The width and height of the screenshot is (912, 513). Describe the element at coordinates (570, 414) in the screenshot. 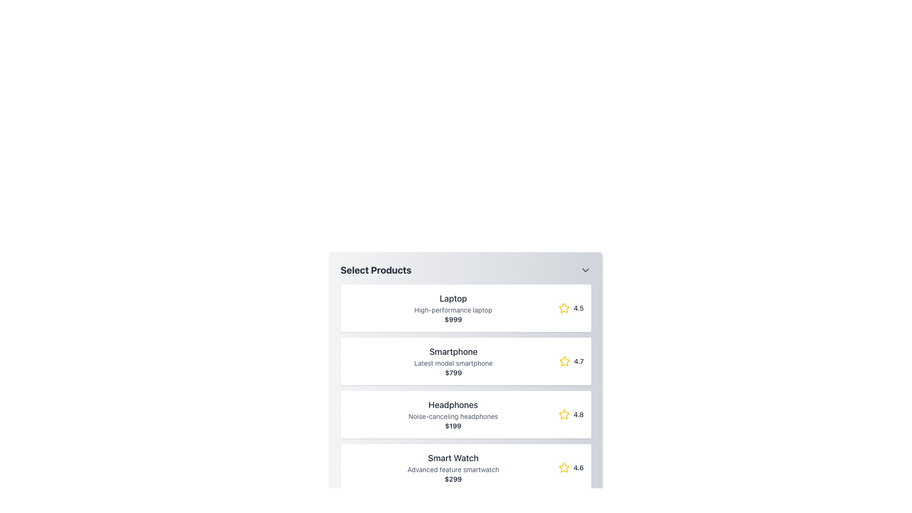

I see `the composite element displaying a yellow star icon and the numeric rating '4.8', located at the bottom-right of the headphones card` at that location.